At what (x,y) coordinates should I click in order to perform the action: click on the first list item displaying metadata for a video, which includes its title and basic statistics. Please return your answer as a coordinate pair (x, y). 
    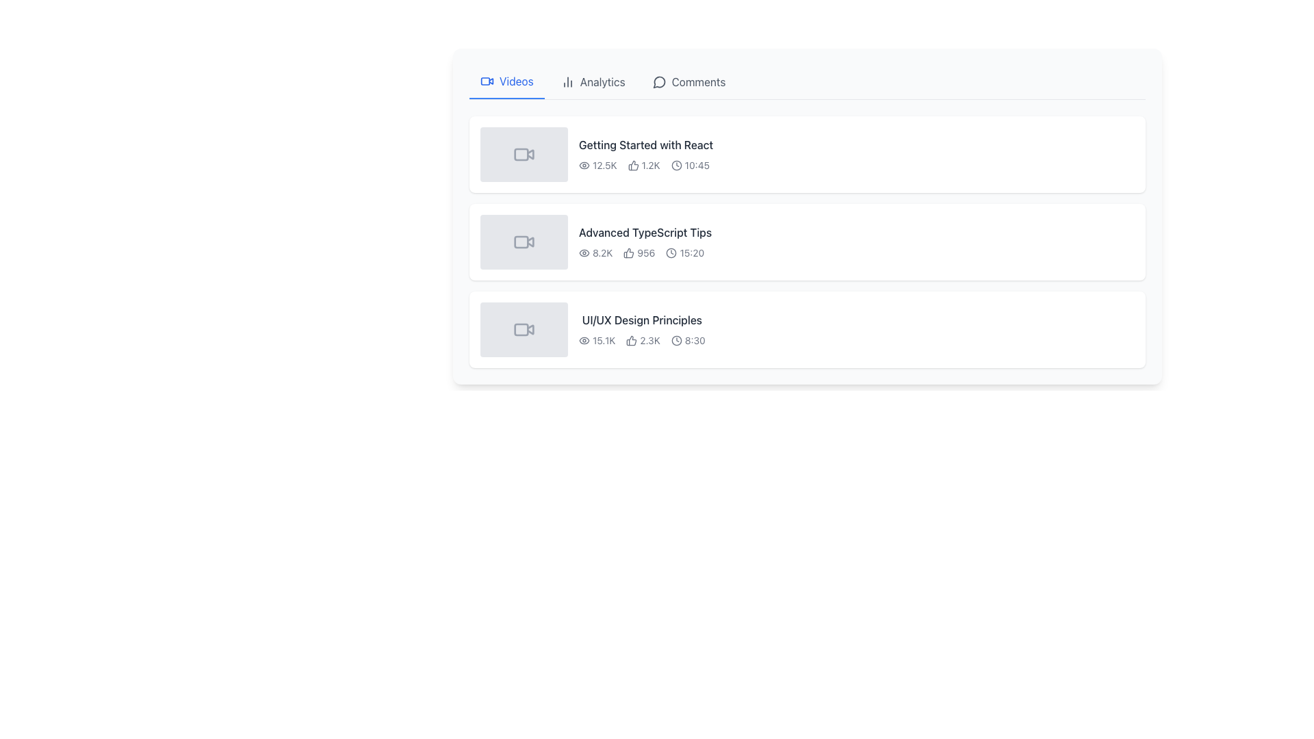
    Looking at the image, I should click on (645, 154).